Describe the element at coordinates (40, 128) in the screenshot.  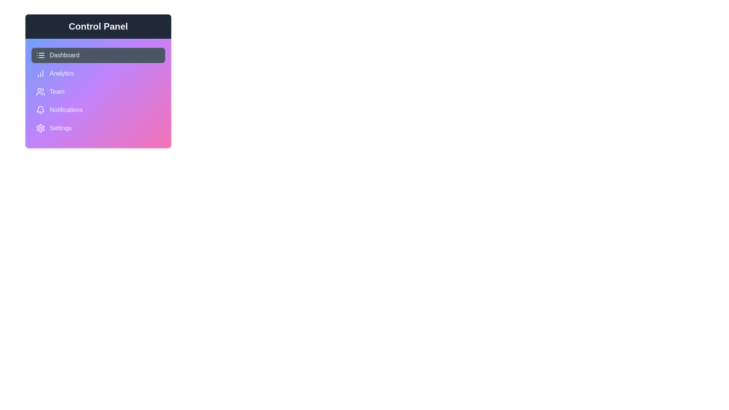
I see `the distinct purple cogwheel icon with intricate line details located in the 'Settings' section of the 'Control Panel' menu` at that location.